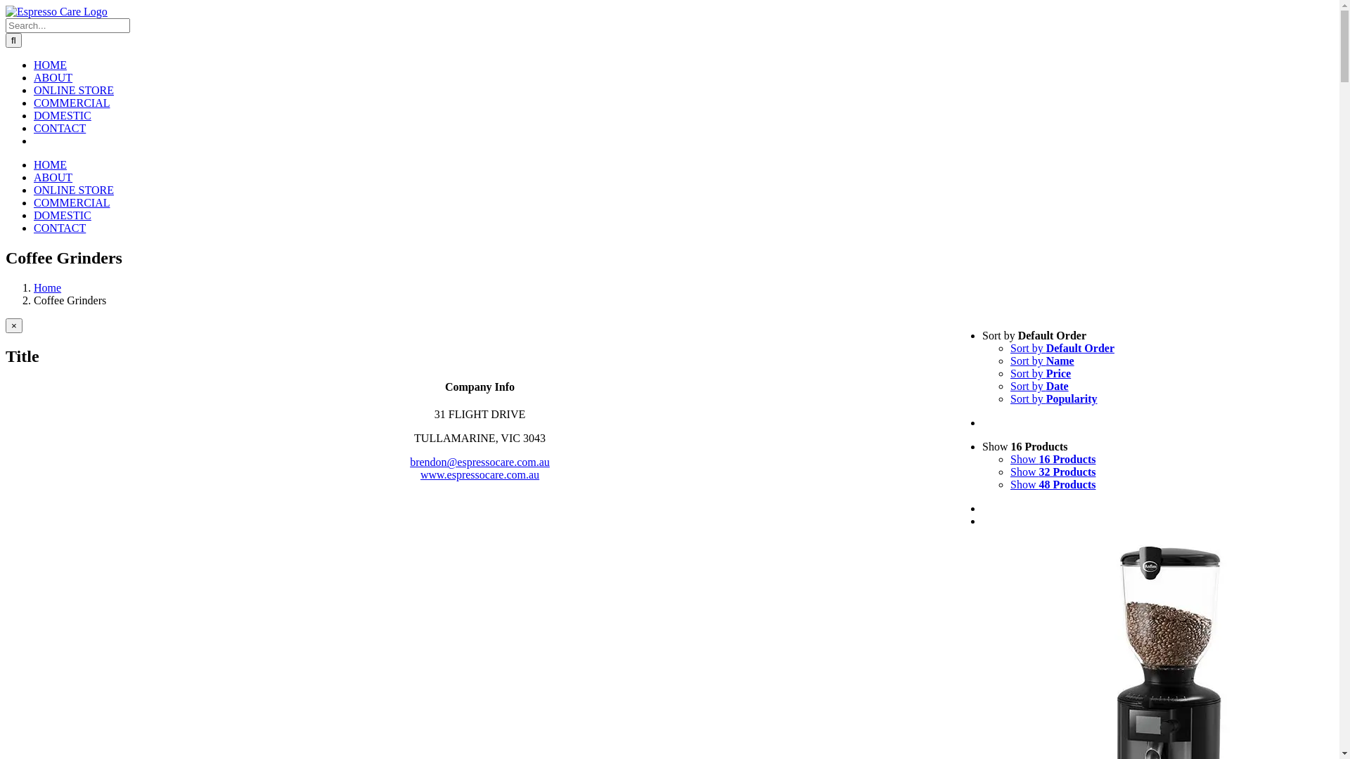  What do you see at coordinates (1053, 398) in the screenshot?
I see `'Sort by Popularity'` at bounding box center [1053, 398].